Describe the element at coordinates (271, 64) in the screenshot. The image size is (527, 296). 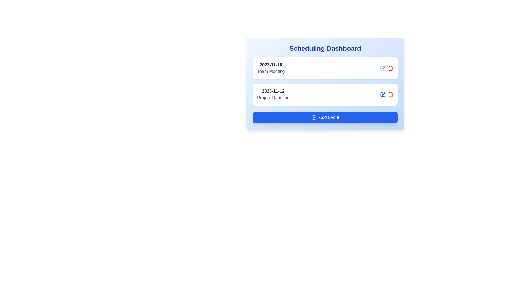
I see `date label associated with the 'Team Meeting' event located in the upper section of the interface, positioned in the top-left portion of its rectangular block` at that location.